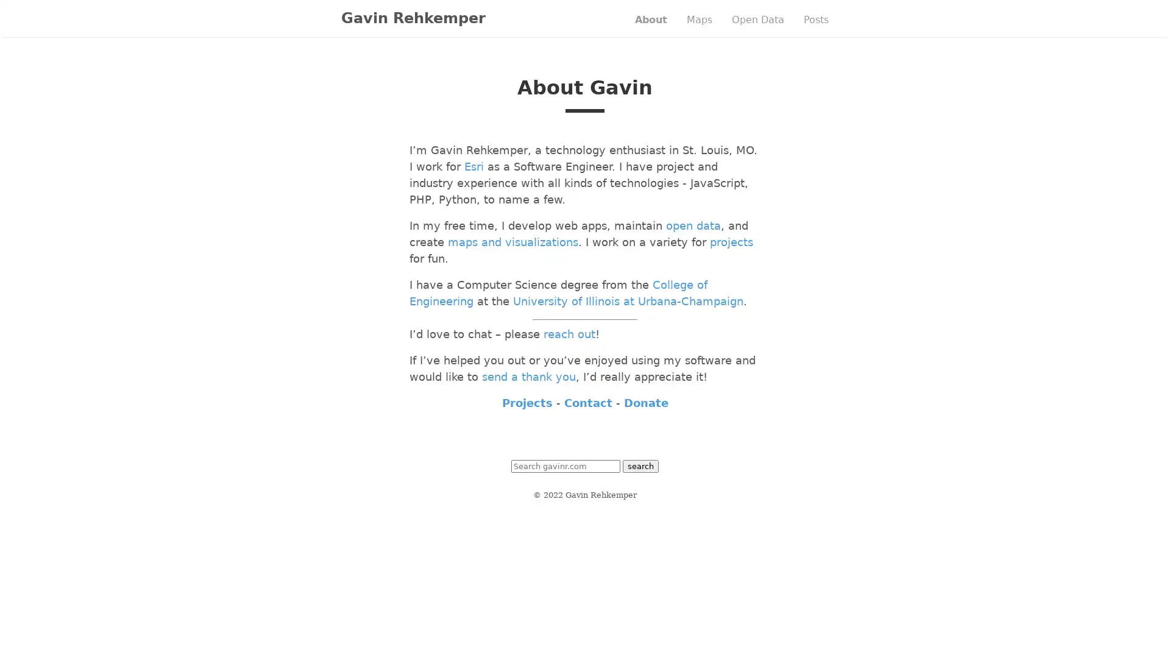 This screenshot has width=1170, height=658. I want to click on search, so click(640, 466).